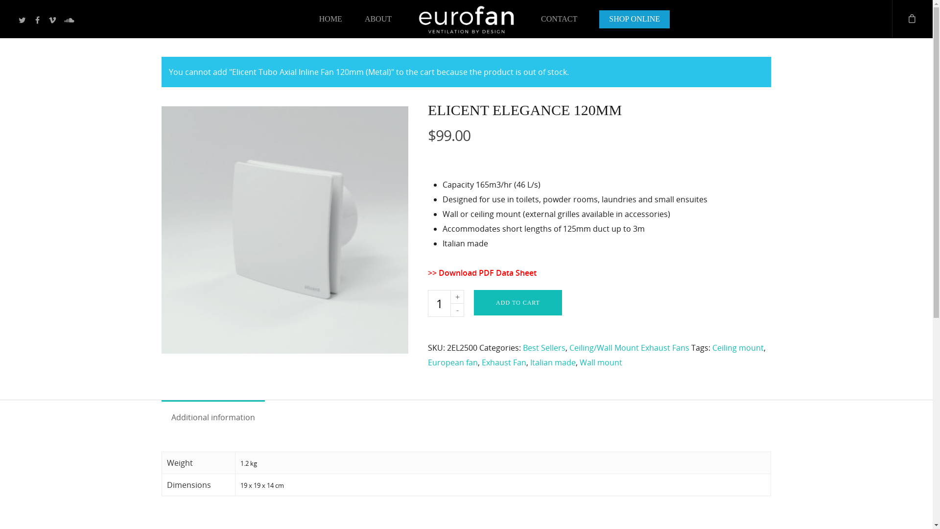 This screenshot has height=529, width=940. I want to click on 'Italian made', so click(553, 362).